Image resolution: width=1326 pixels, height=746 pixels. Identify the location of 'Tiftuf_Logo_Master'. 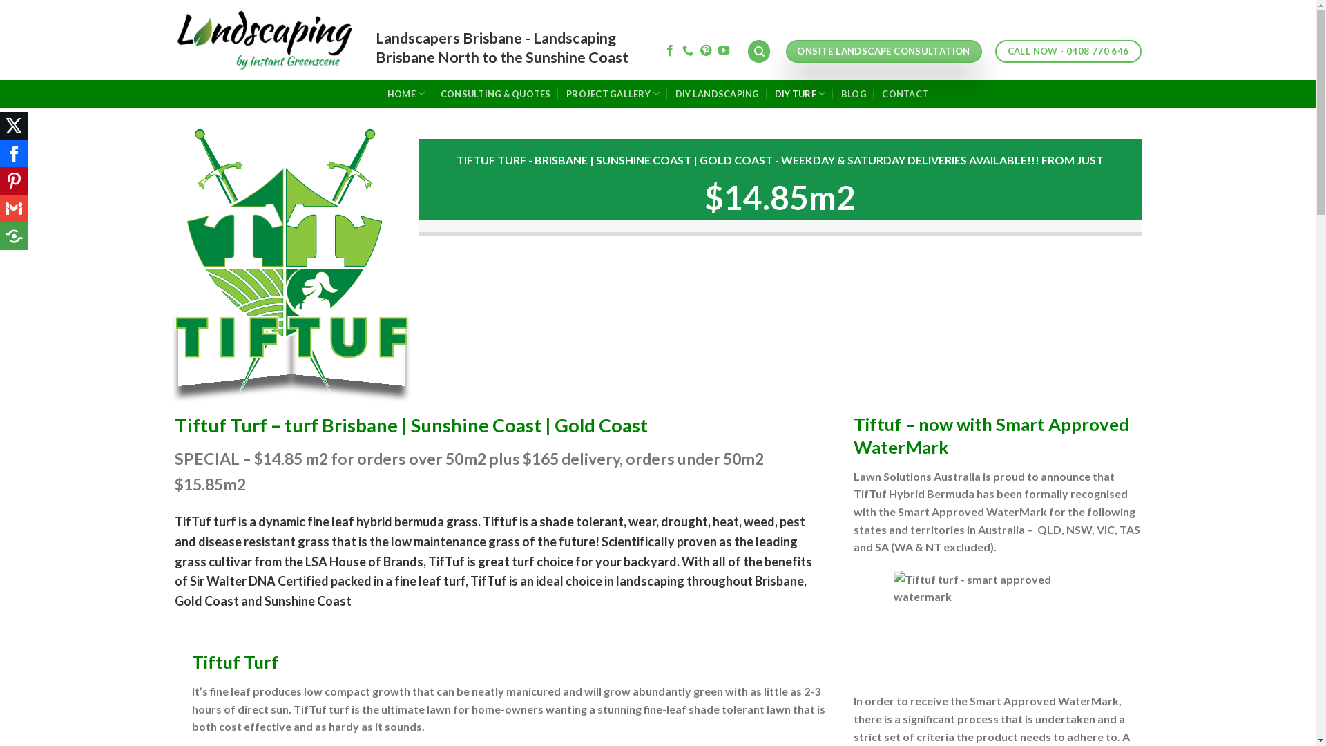
(290, 260).